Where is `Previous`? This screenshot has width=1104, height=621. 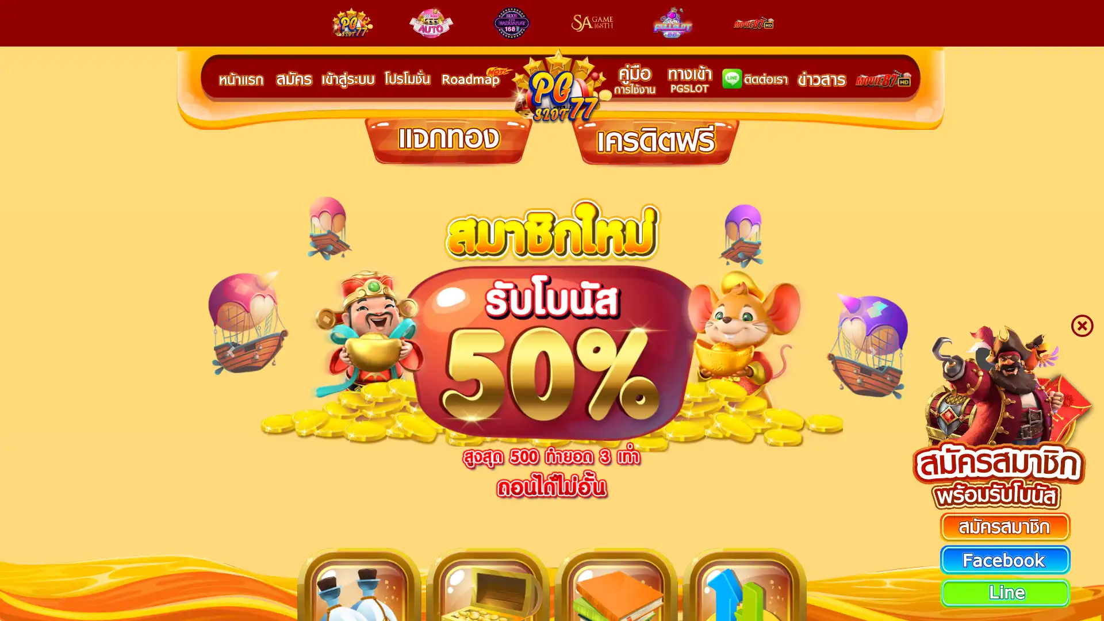
Previous is located at coordinates (230, 350).